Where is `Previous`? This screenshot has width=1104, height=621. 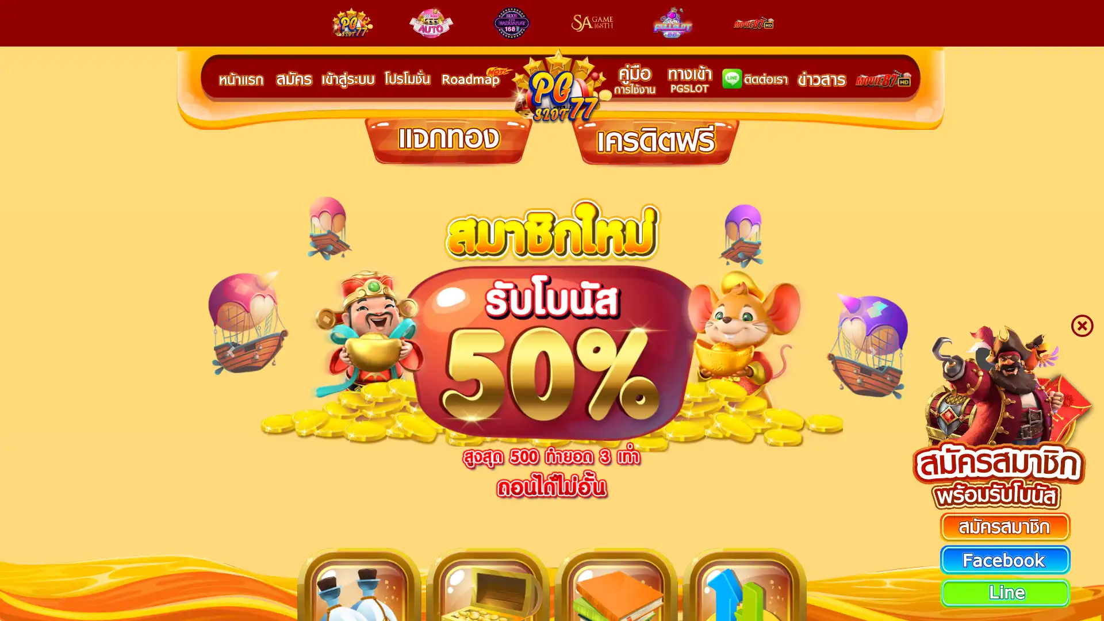
Previous is located at coordinates (230, 350).